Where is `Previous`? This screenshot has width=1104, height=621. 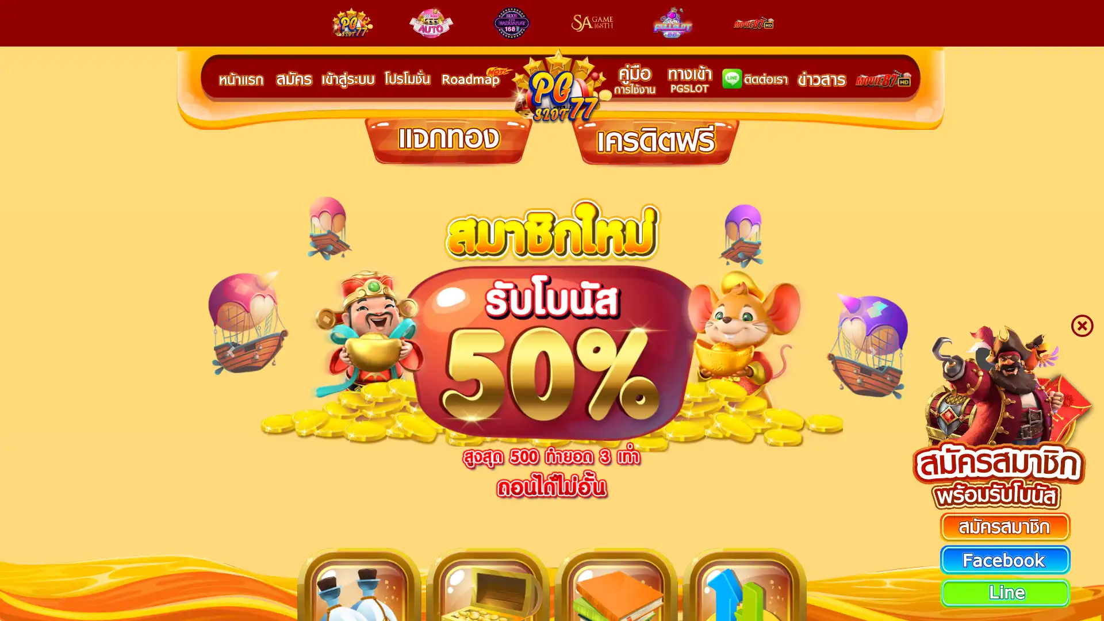
Previous is located at coordinates (230, 350).